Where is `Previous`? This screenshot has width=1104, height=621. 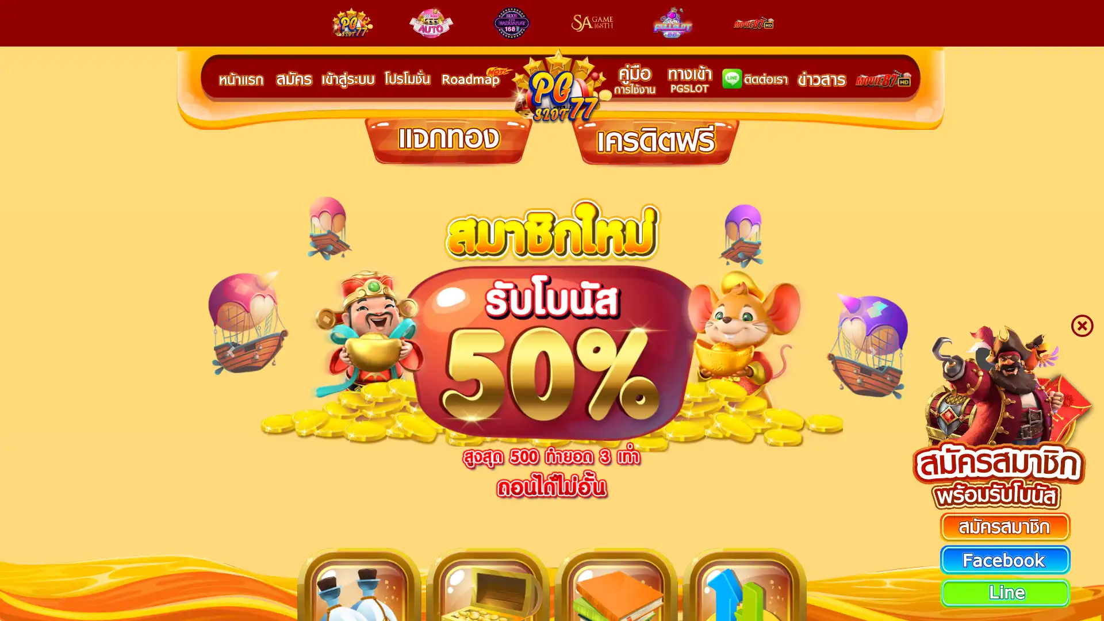
Previous is located at coordinates (230, 350).